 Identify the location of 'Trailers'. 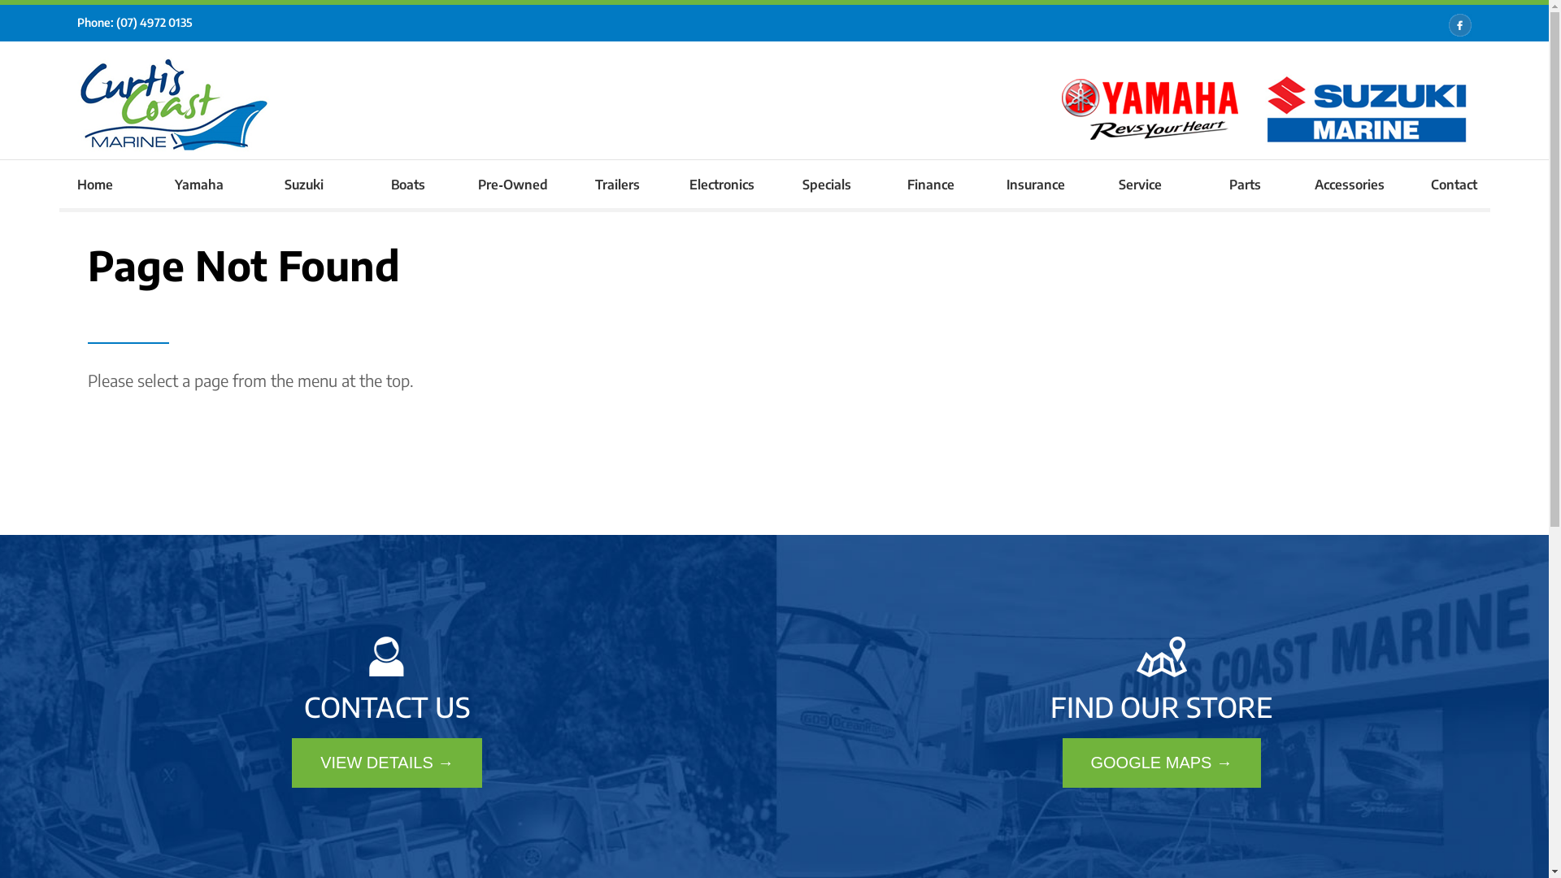
(616, 183).